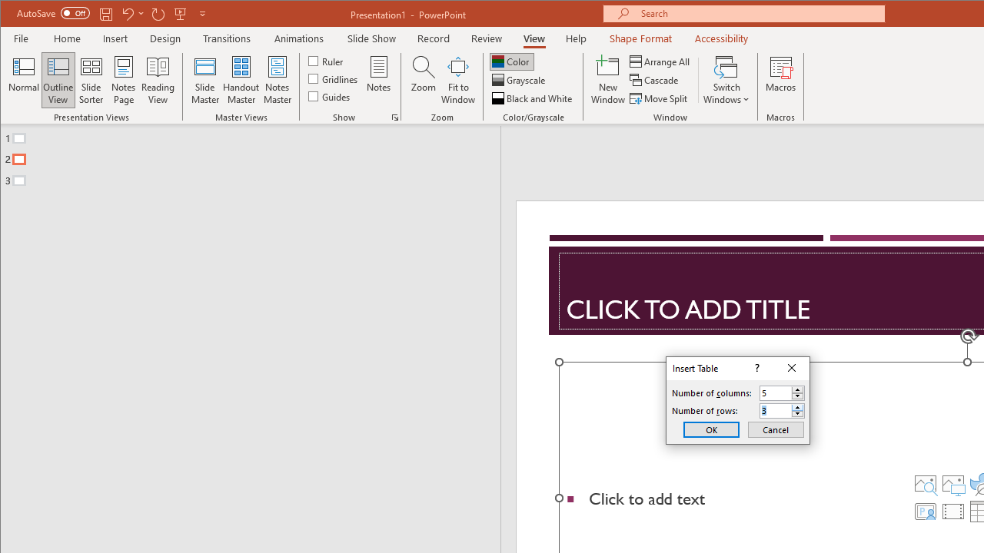 Image resolution: width=984 pixels, height=553 pixels. What do you see at coordinates (457, 80) in the screenshot?
I see `'Fit to Window'` at bounding box center [457, 80].